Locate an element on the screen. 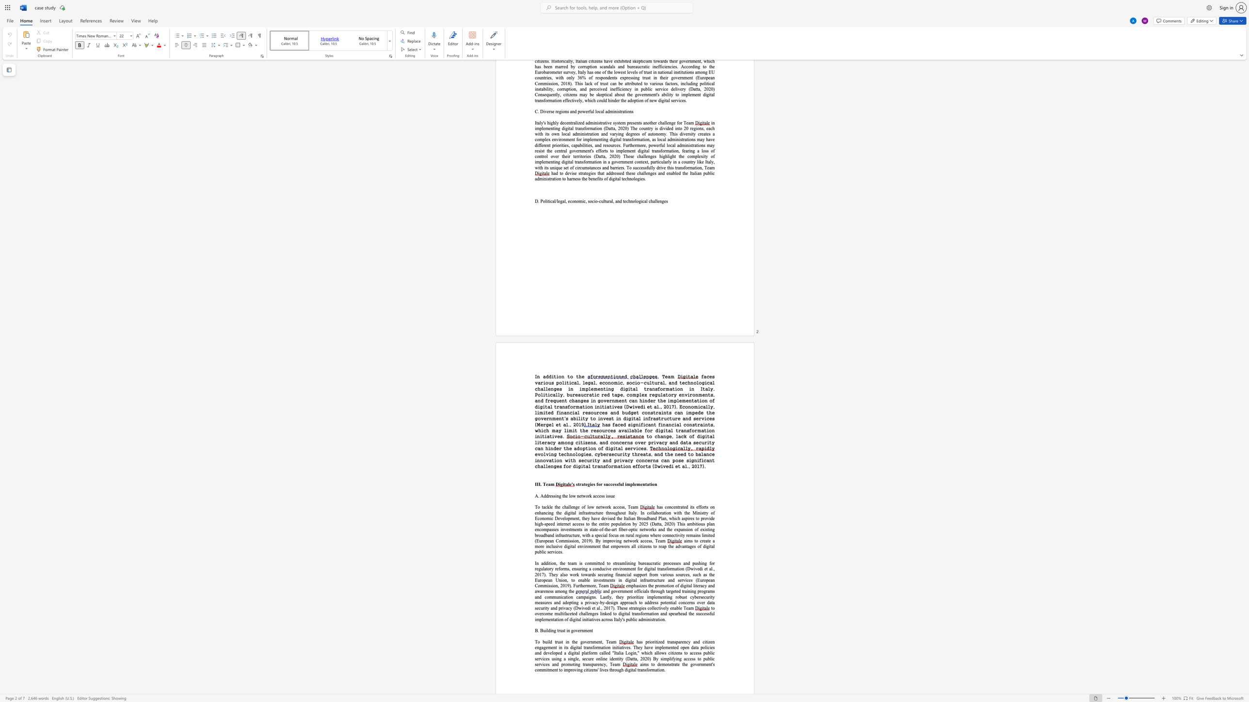 This screenshot has width=1249, height=702. the subset text "romotion of digital lit" within the text "emphasizes the promotion of digital literacy and awareness among the" is located at coordinates (657, 585).